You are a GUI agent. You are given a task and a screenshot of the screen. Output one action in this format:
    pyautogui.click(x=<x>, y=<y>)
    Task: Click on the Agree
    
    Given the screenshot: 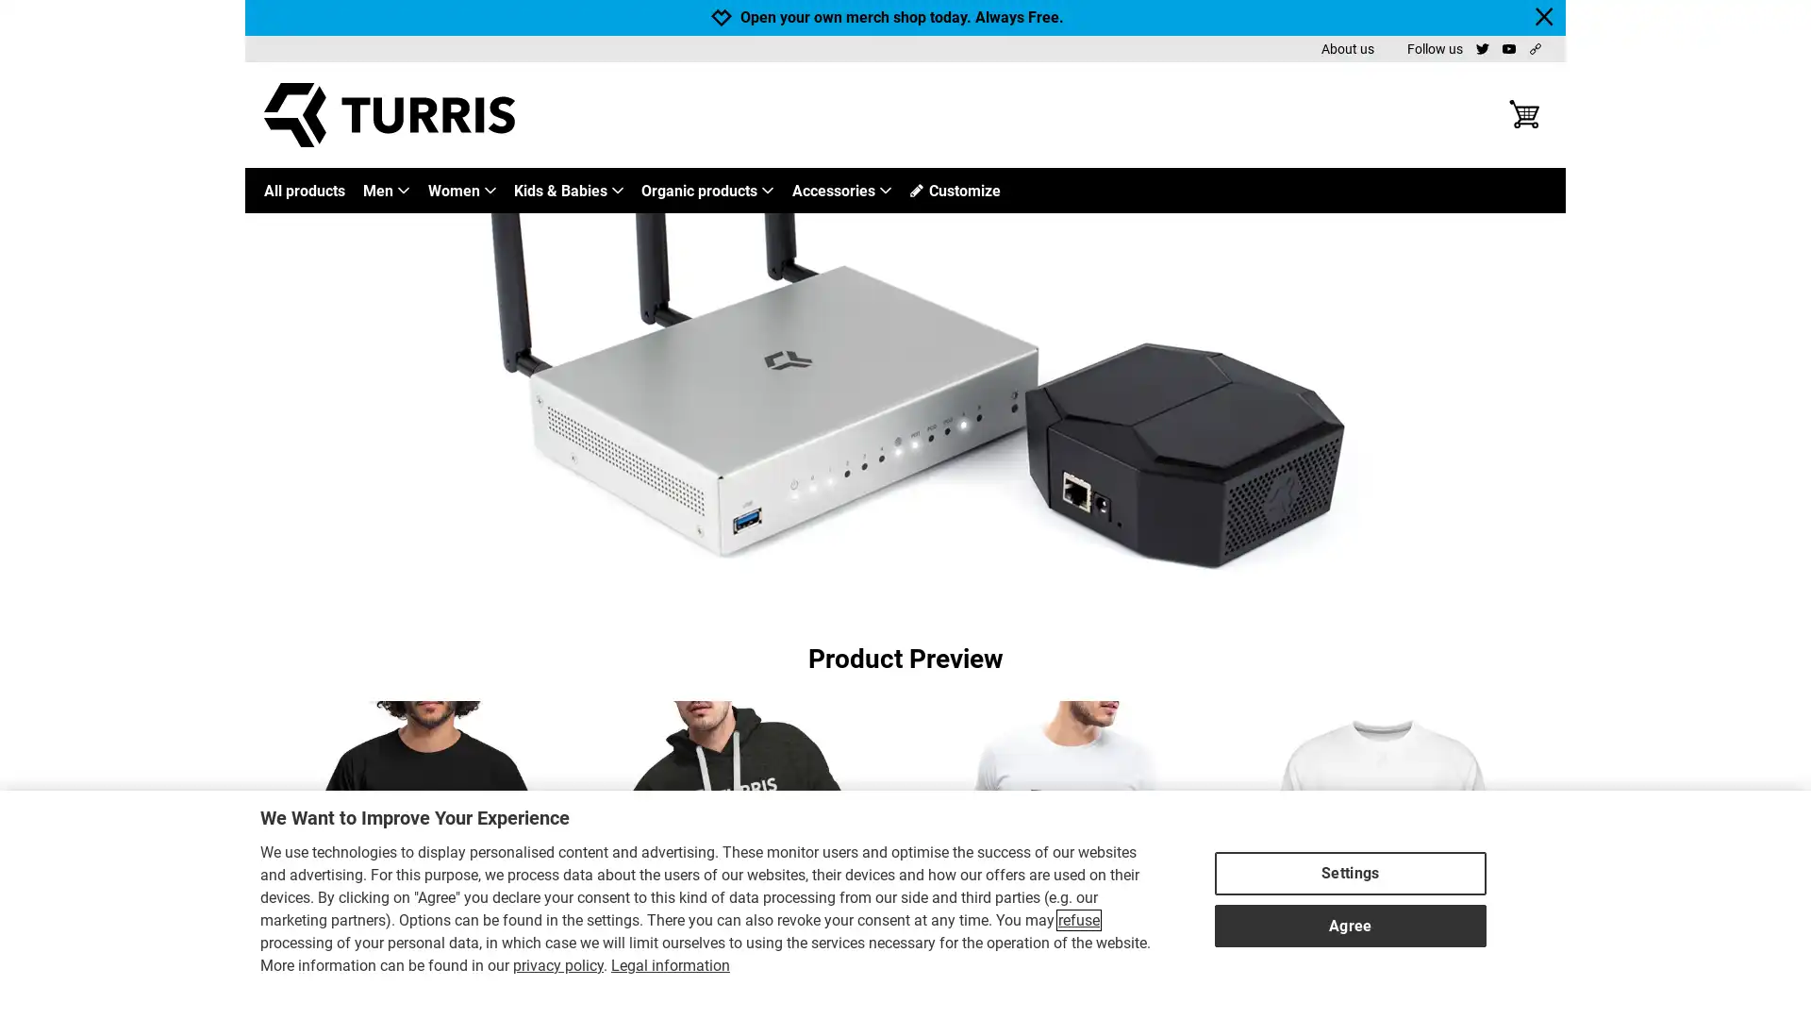 What is the action you would take?
    pyautogui.click(x=1349, y=920)
    